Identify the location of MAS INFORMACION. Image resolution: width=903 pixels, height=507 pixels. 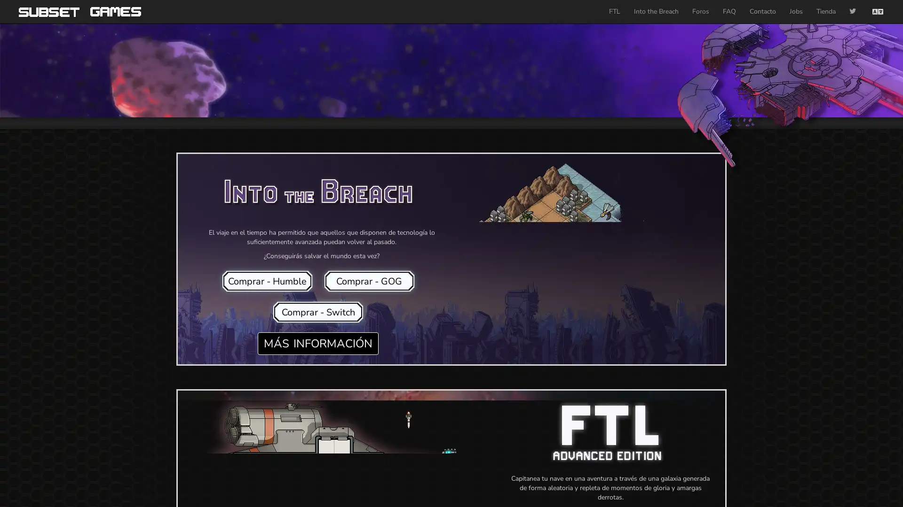
(318, 344).